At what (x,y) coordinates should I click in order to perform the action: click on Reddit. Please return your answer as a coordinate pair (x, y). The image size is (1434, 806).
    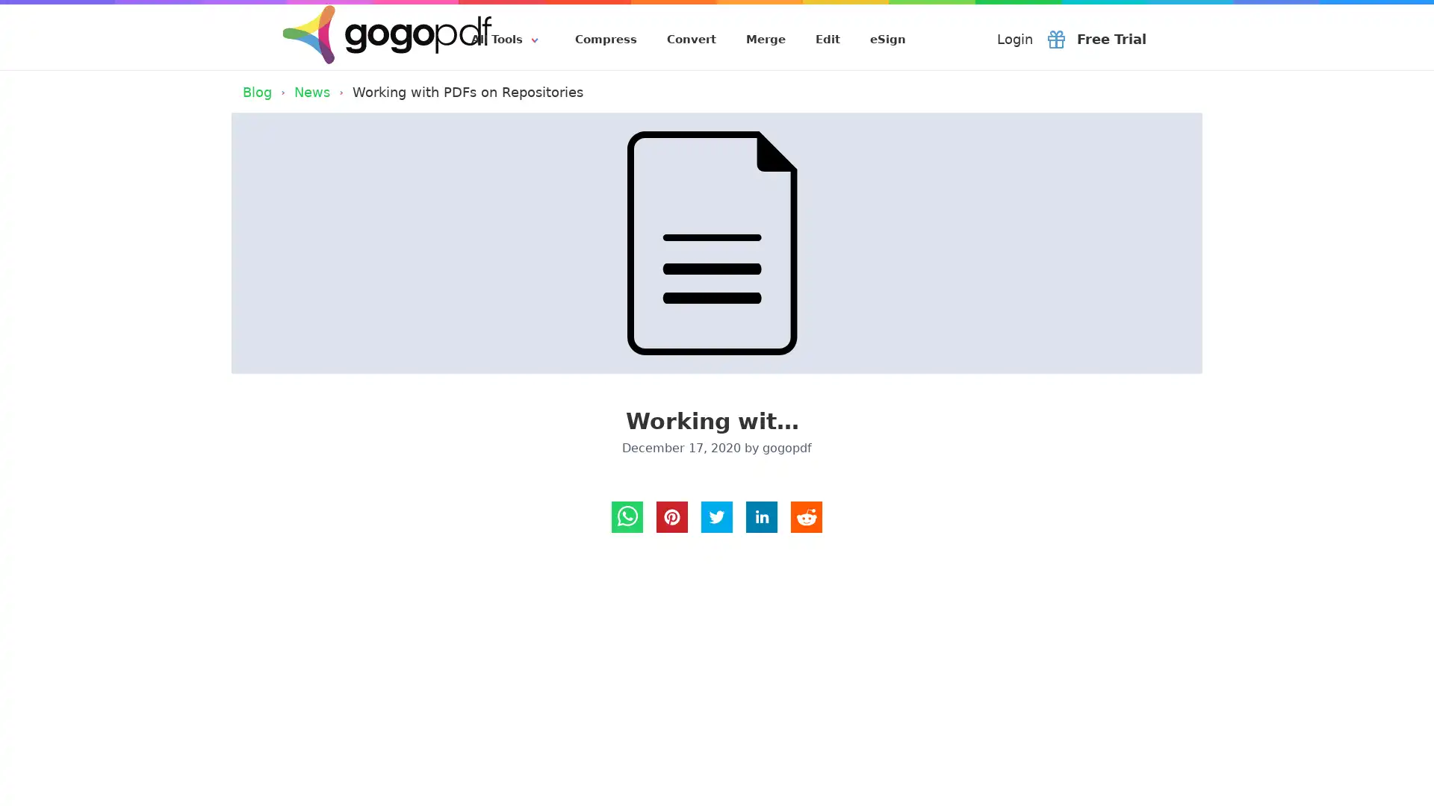
    Looking at the image, I should click on (806, 516).